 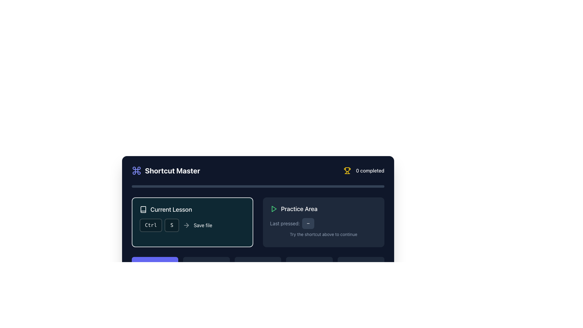 I want to click on the 'S' button in the 'Current Lesson' section, which is the second button in a horizontal layout next, so click(x=172, y=225).